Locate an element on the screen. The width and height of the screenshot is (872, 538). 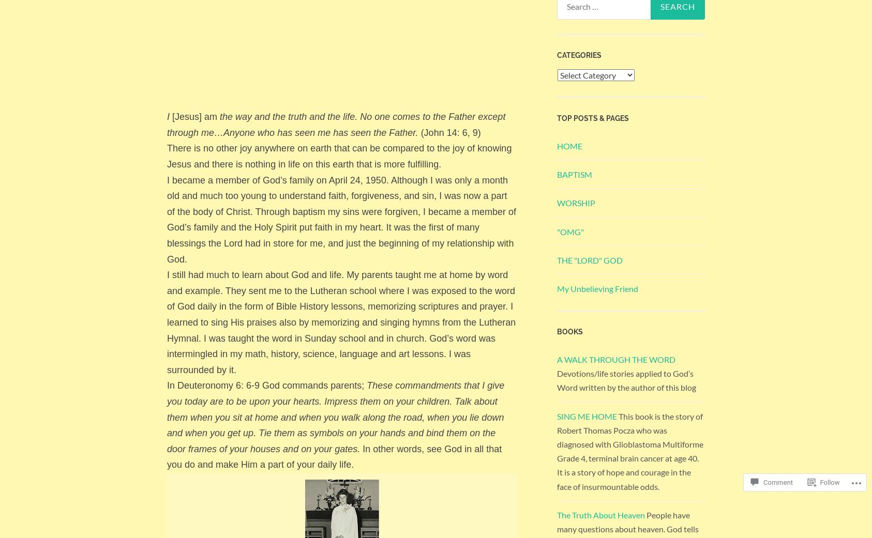
'I' is located at coordinates (168, 116).